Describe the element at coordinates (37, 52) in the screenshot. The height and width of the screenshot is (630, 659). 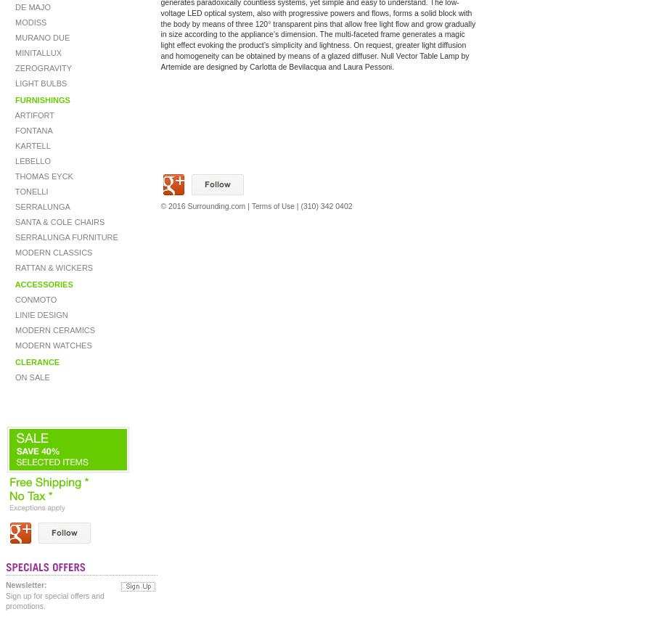
I see `'MINITALLUX'` at that location.